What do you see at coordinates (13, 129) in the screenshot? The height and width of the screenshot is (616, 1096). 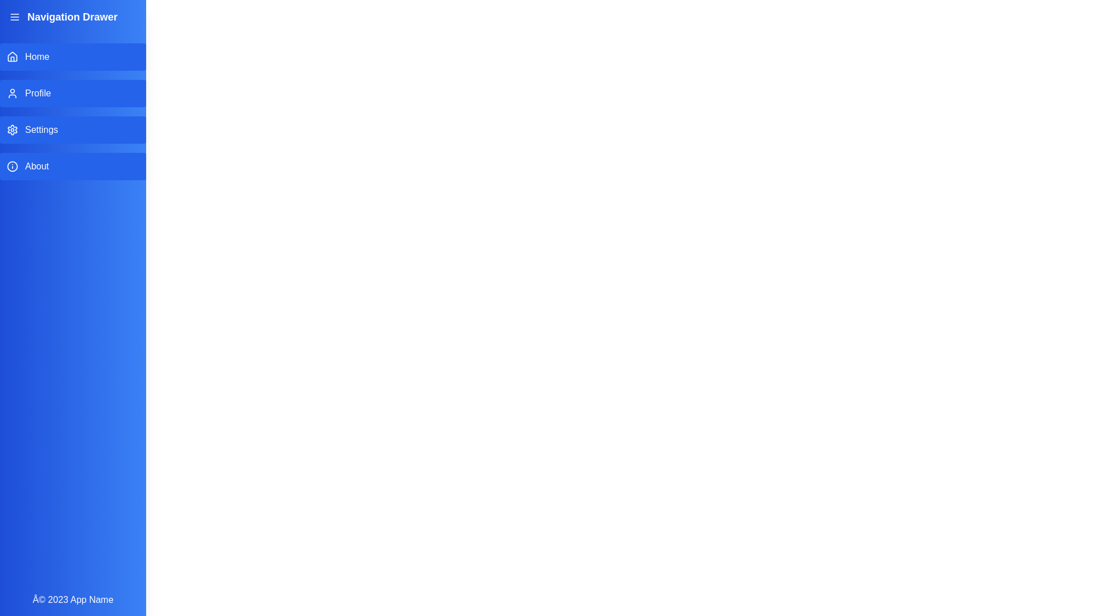 I see `the 'Settings' icon located in the vertical navigation drawer on the left side of the interface, positioned just to the left of the text 'Settings'` at bounding box center [13, 129].